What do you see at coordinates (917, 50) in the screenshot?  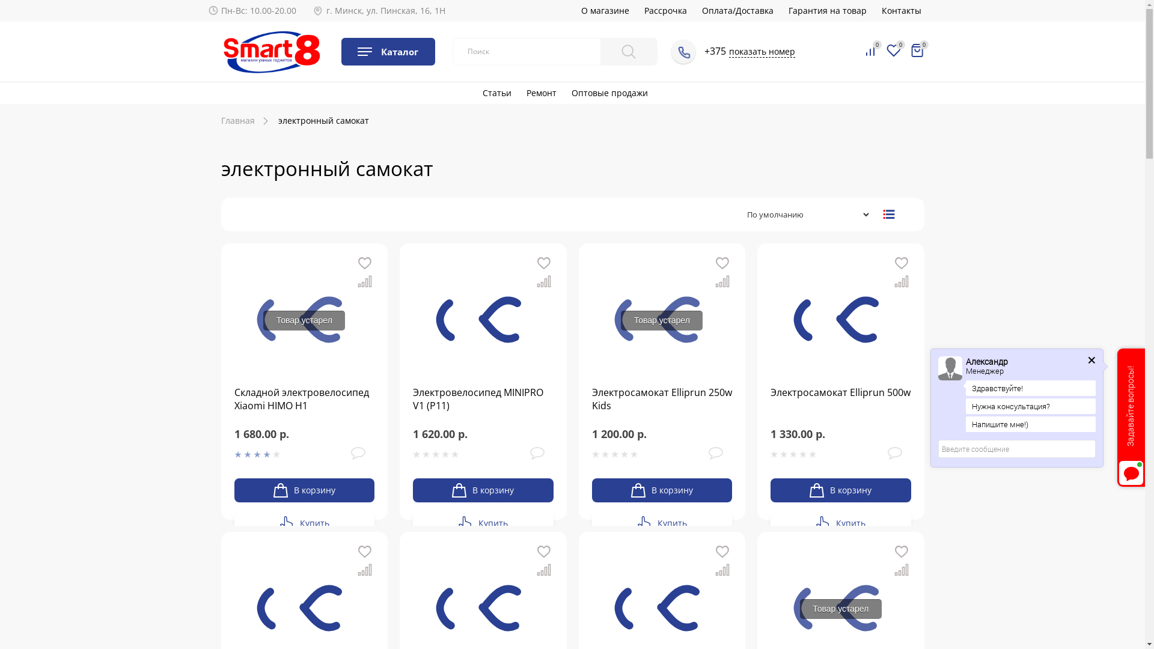 I see `'0'` at bounding box center [917, 50].